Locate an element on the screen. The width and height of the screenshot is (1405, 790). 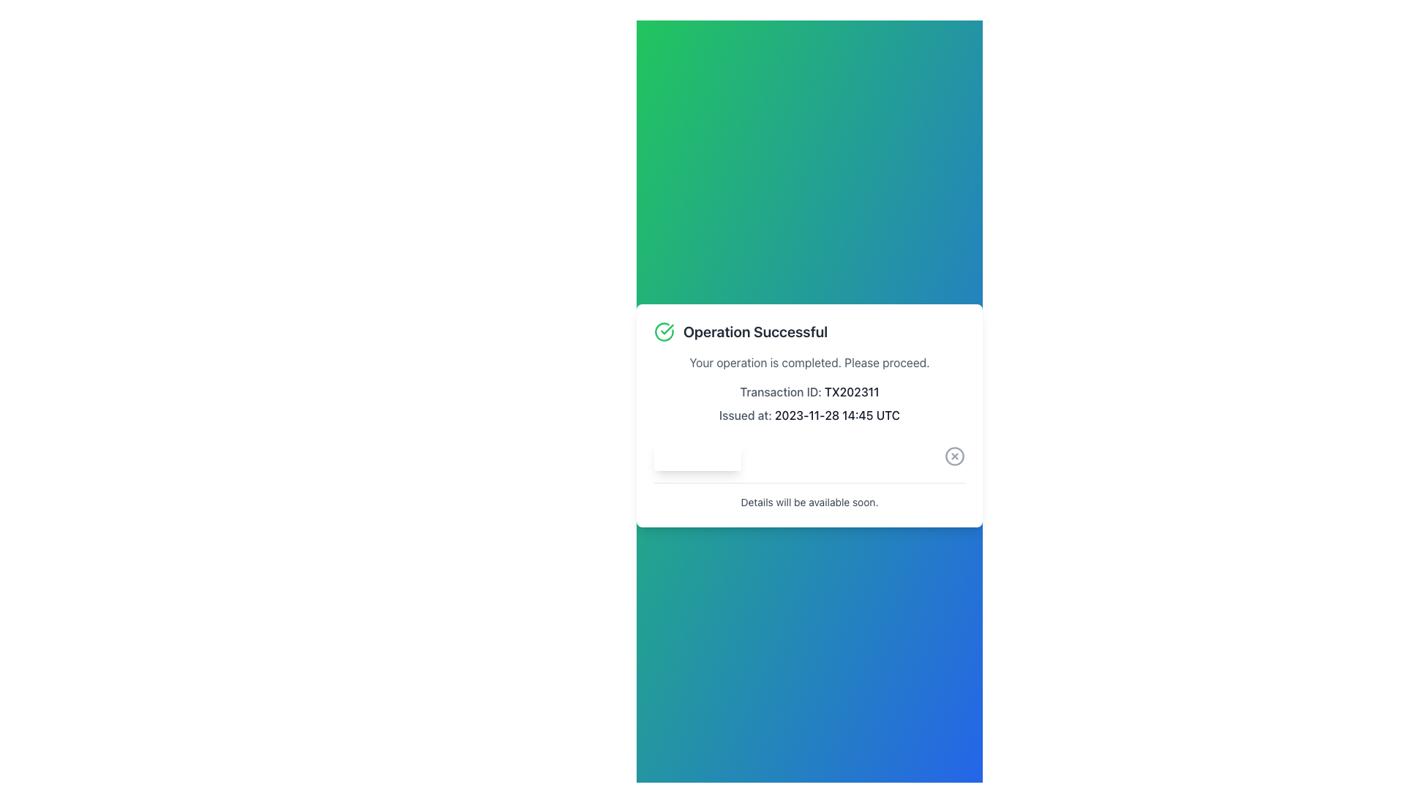
the small circle SVG element located within the icon in the lower right area of the message card is located at coordinates (955, 455).